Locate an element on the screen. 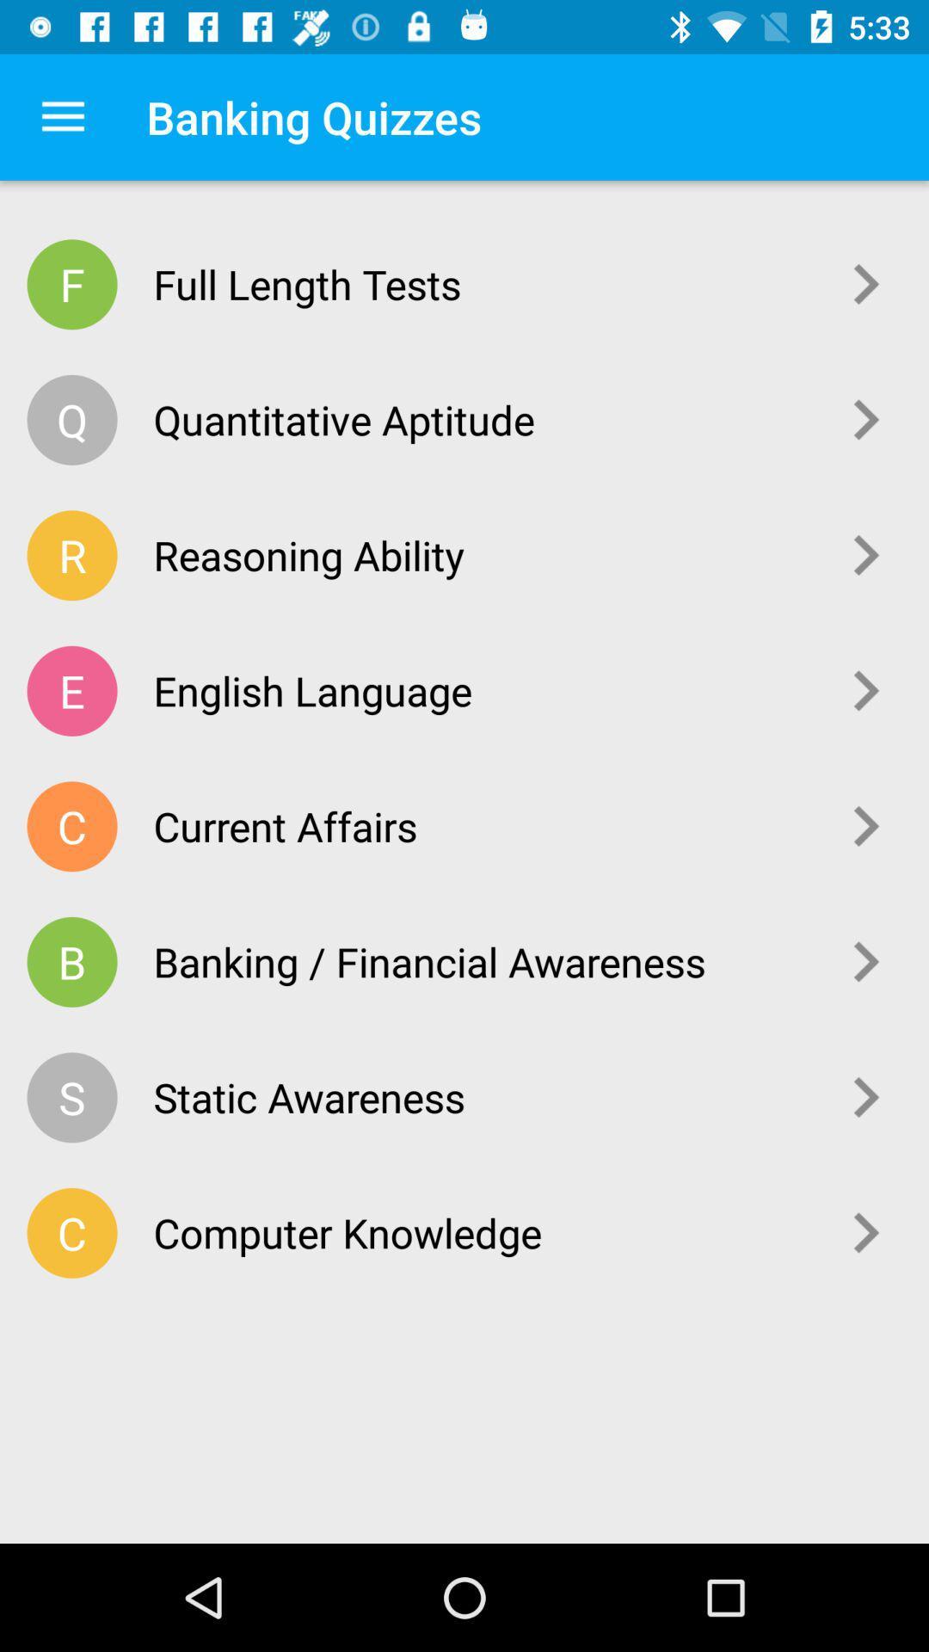  the icon above e is located at coordinates (71, 555).